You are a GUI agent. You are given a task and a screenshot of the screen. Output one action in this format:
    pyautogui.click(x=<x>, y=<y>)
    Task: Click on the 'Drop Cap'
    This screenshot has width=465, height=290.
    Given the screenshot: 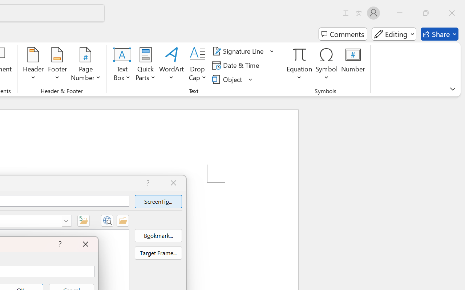 What is the action you would take?
    pyautogui.click(x=198, y=65)
    